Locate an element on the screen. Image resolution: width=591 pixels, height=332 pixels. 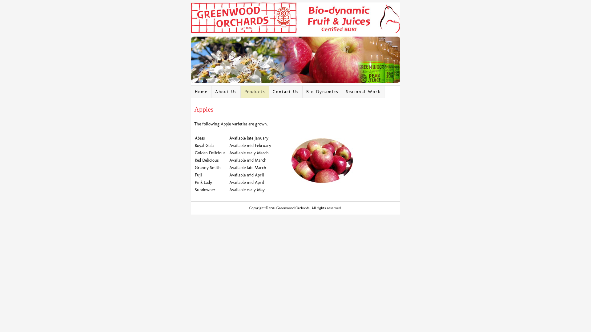
'Home' is located at coordinates (201, 92).